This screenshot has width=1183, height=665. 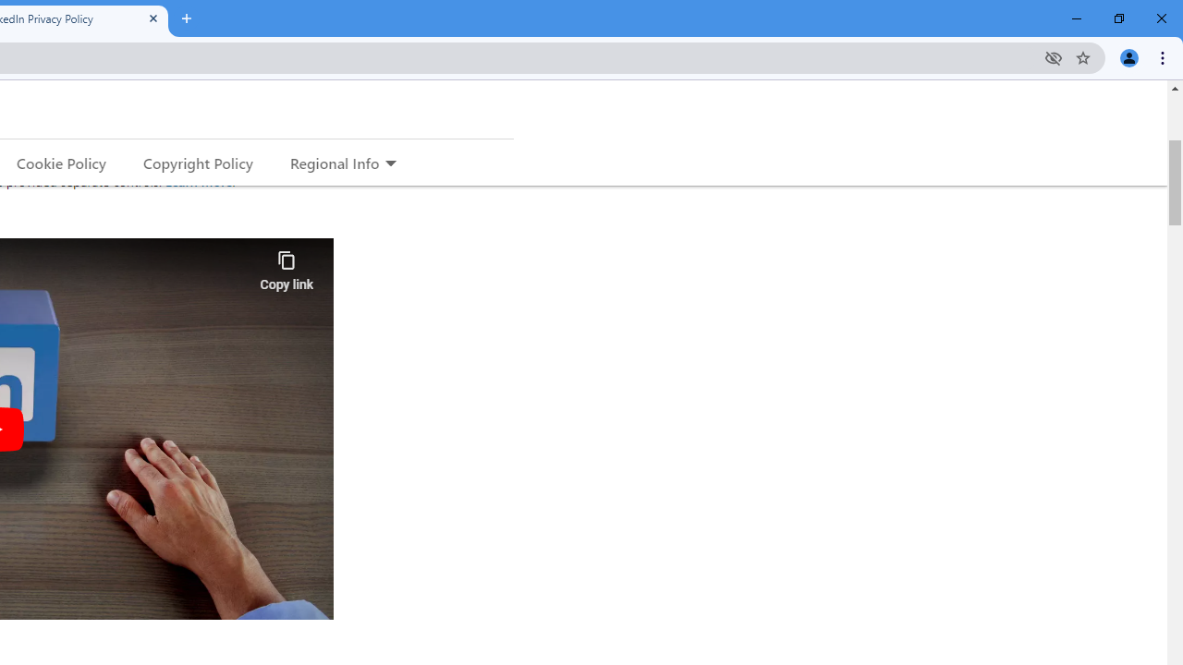 What do you see at coordinates (335, 162) in the screenshot?
I see `'Regional Info'` at bounding box center [335, 162].